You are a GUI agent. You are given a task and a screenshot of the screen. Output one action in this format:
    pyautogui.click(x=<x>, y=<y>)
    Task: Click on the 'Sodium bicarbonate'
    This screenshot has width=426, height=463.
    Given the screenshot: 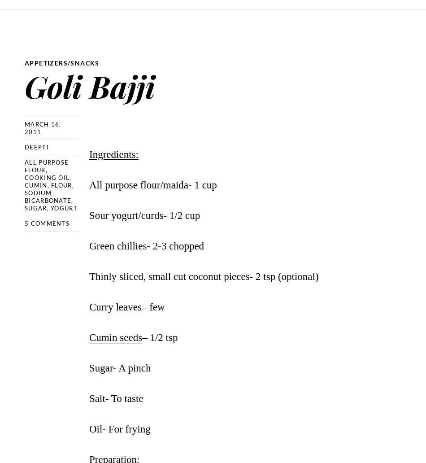 What is the action you would take?
    pyautogui.click(x=48, y=196)
    